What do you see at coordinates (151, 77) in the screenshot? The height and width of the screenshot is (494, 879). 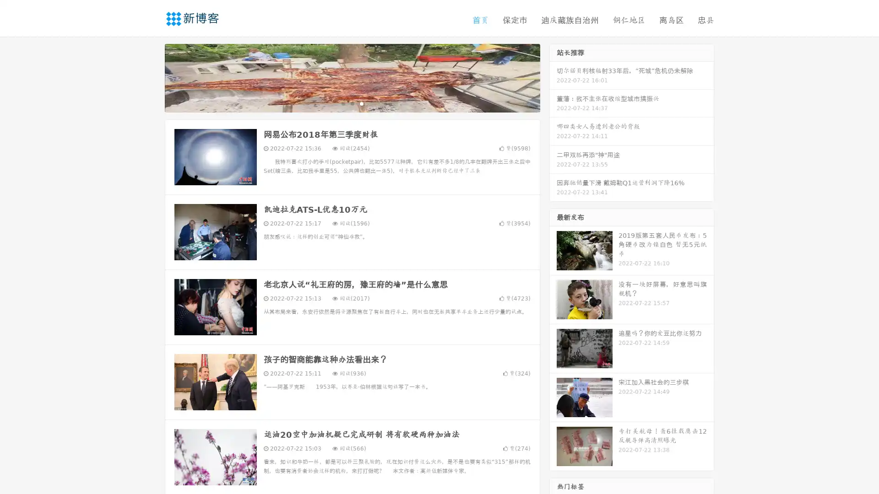 I see `Previous slide` at bounding box center [151, 77].